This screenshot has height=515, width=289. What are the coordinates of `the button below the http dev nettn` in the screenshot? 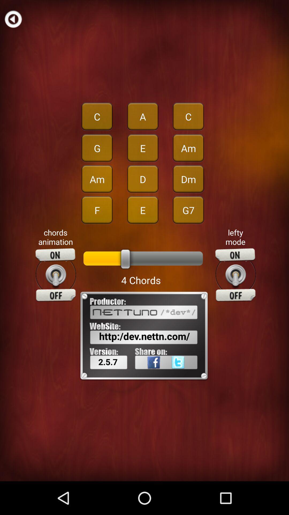 It's located at (186, 374).